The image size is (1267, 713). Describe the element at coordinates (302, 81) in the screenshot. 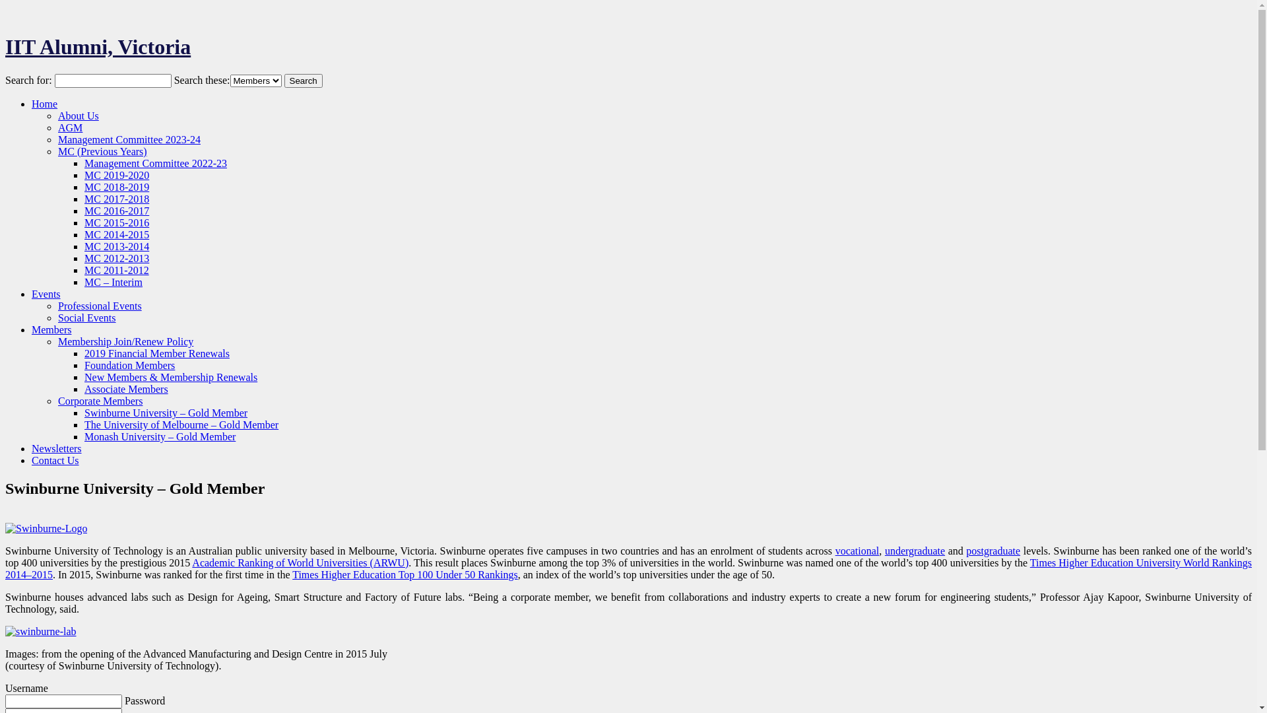

I see `'Search'` at that location.